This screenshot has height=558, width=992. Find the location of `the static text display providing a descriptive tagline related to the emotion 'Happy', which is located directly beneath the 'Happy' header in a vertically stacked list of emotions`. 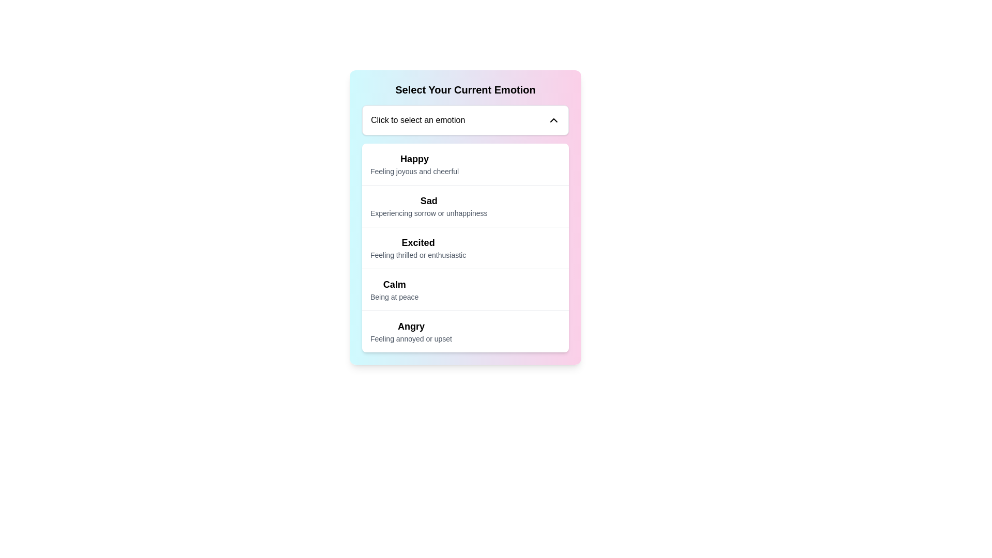

the static text display providing a descriptive tagline related to the emotion 'Happy', which is located directly beneath the 'Happy' header in a vertically stacked list of emotions is located at coordinates (414, 171).